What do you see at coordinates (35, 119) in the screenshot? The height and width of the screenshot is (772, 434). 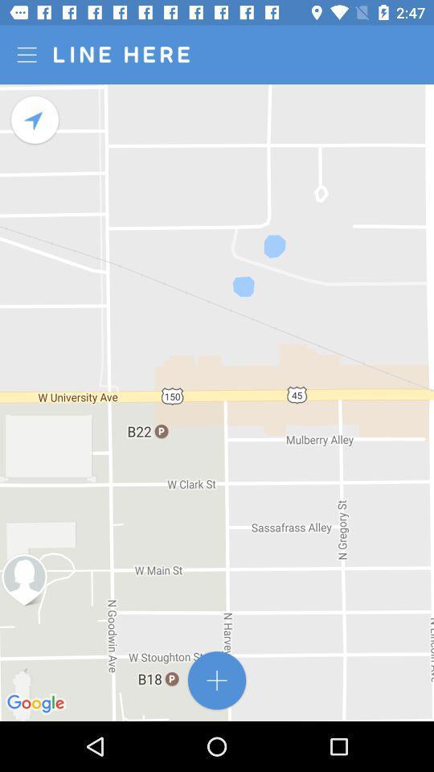 I see `the navigation icon` at bounding box center [35, 119].